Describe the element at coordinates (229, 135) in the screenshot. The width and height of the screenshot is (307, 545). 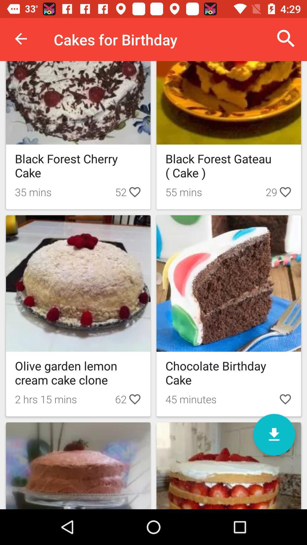
I see `the second box from first row` at that location.